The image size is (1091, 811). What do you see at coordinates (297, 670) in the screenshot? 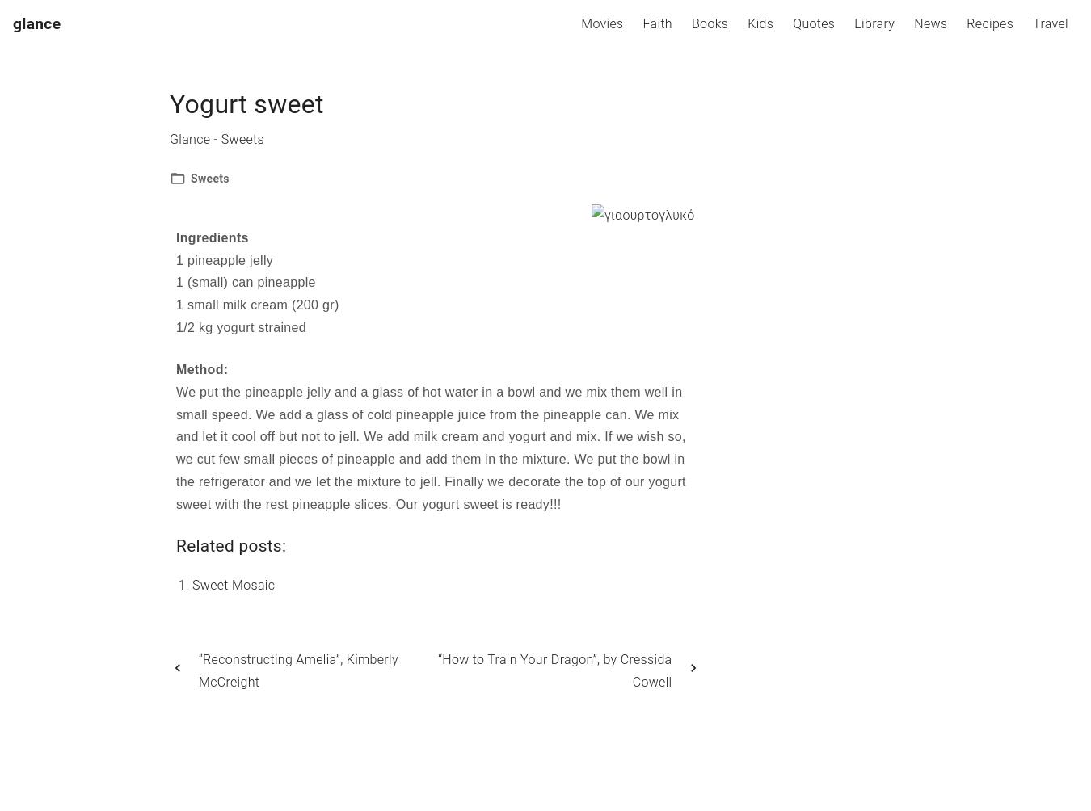
I see `'“Reconstructing Amelia”, Kimberly McCreight'` at bounding box center [297, 670].